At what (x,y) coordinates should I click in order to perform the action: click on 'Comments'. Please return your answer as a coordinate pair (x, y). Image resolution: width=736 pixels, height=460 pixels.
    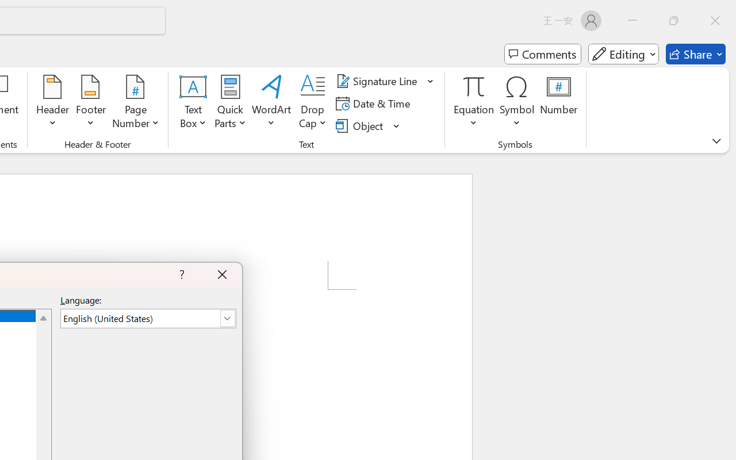
    Looking at the image, I should click on (542, 54).